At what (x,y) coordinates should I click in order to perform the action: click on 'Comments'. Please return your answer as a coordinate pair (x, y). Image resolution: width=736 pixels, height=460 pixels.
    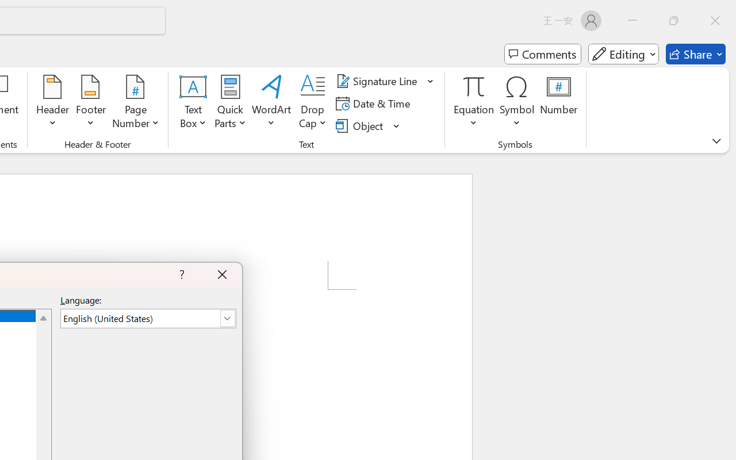
    Looking at the image, I should click on (542, 54).